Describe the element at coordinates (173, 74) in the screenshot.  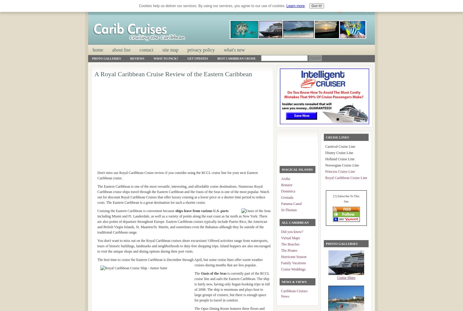
I see `'A Royal Caribbean Cruise
Review of the Eastern Caribbean'` at that location.